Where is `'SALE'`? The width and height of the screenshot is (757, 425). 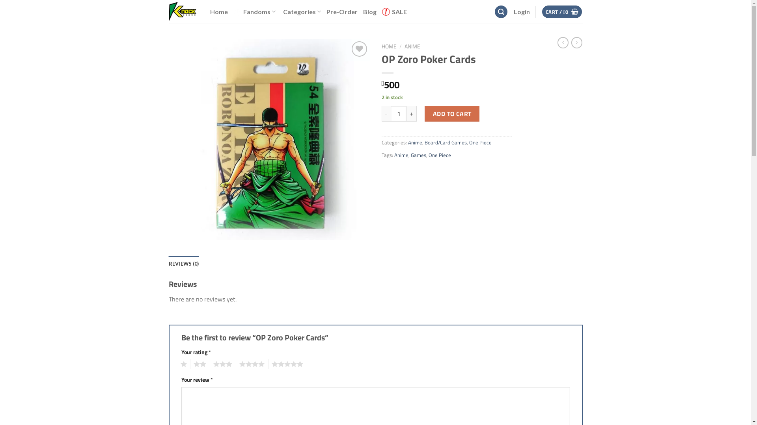 'SALE' is located at coordinates (394, 12).